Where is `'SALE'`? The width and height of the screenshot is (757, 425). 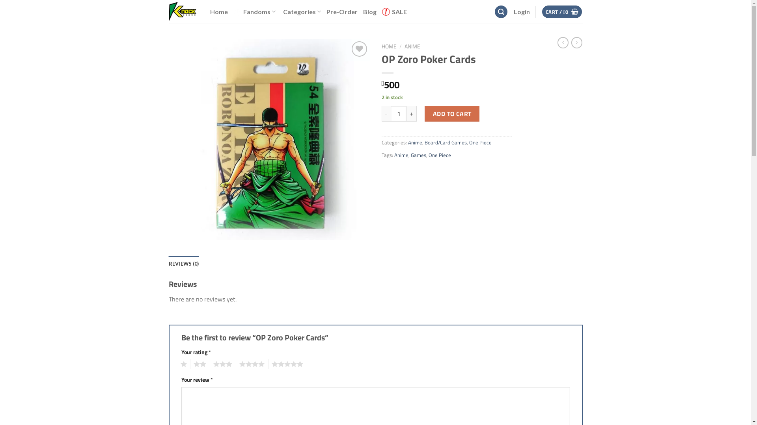 'SALE' is located at coordinates (394, 12).